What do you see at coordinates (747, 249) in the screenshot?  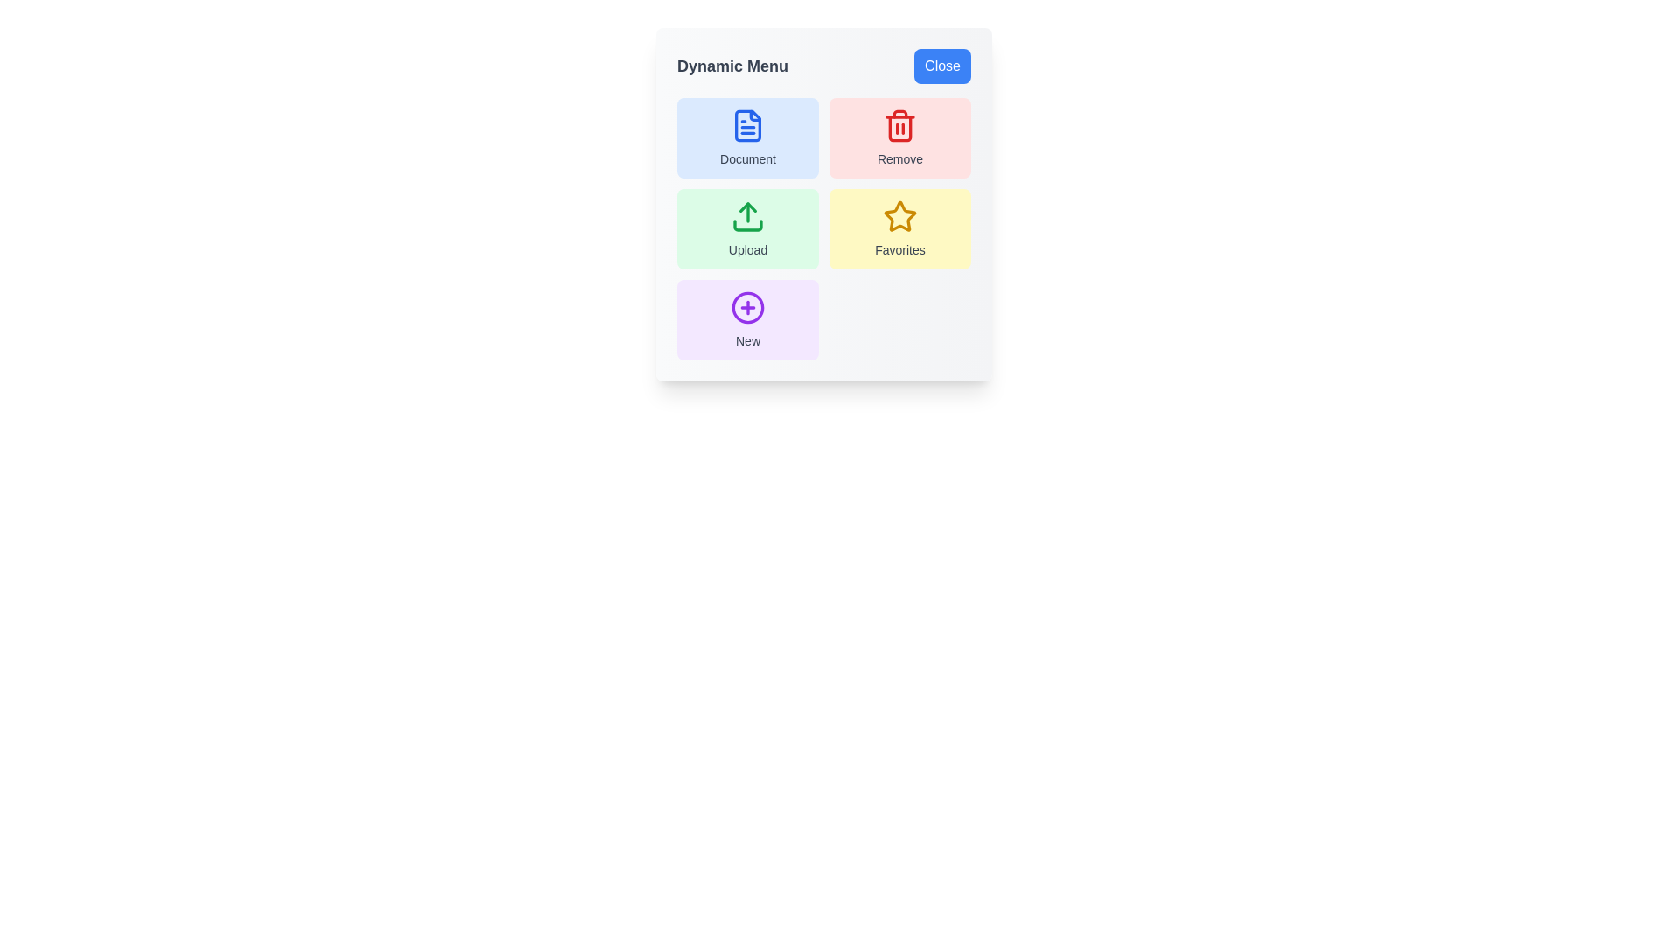 I see `text label that says 'Upload', which is styled in small gray font and located at the bottom of a green button, below an upward arrow icon` at bounding box center [747, 249].